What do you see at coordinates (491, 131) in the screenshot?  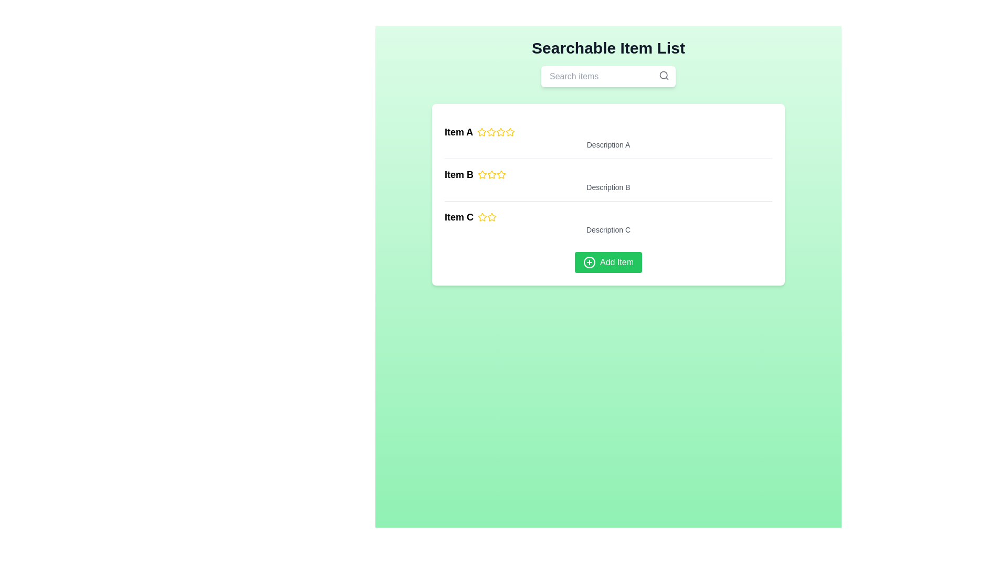 I see `the second star rating icon for 'Item A'` at bounding box center [491, 131].